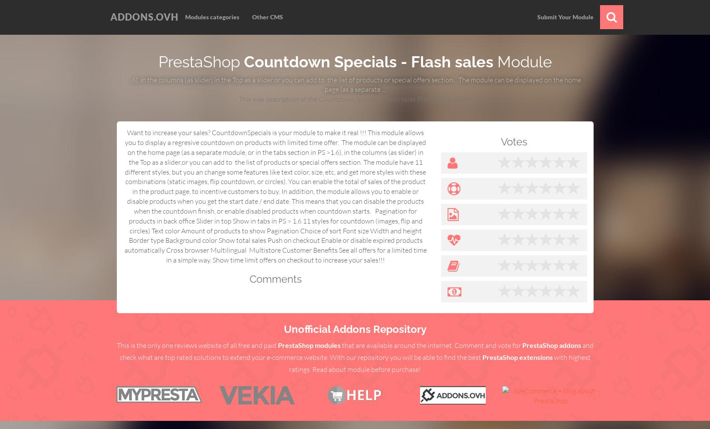  Describe the element at coordinates (128, 84) in the screenshot. I see `'. 6), in the columns (as slider) in the Top as a slider,or you can add to  the list of products or special offers section.   The module can be displayed on the home page (as a separate ...'` at that location.